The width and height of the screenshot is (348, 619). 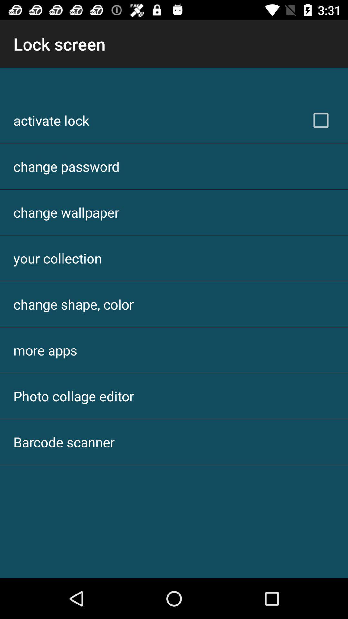 What do you see at coordinates (57, 258) in the screenshot?
I see `your collection app` at bounding box center [57, 258].